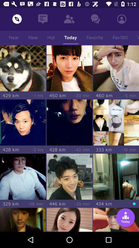  Describe the element at coordinates (116, 219) in the screenshot. I see `the image which is last` at that location.